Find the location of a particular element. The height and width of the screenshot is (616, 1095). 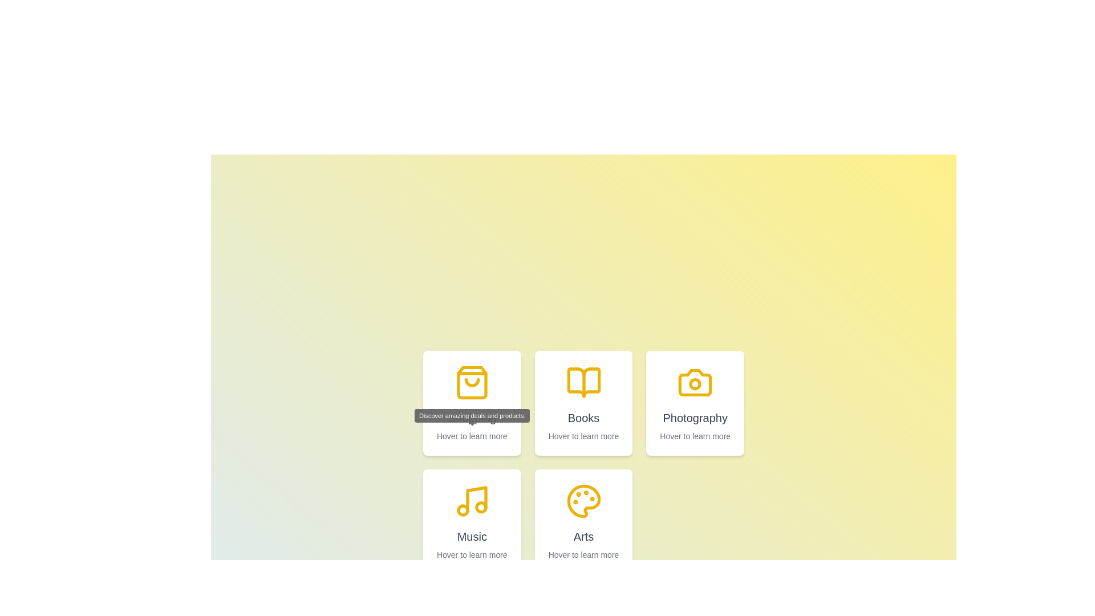

the open book icon with a yellow hue, located in the second column of the top row, above the text 'Books' and 'Hover to learn more' is located at coordinates (583, 383).